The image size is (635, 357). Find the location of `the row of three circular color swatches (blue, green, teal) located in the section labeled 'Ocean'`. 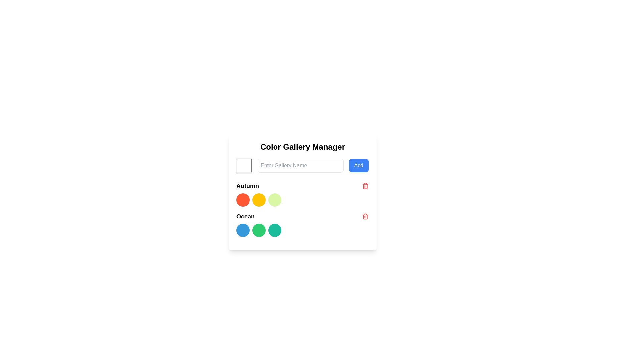

the row of three circular color swatches (blue, green, teal) located in the section labeled 'Ocean' is located at coordinates (302, 230).